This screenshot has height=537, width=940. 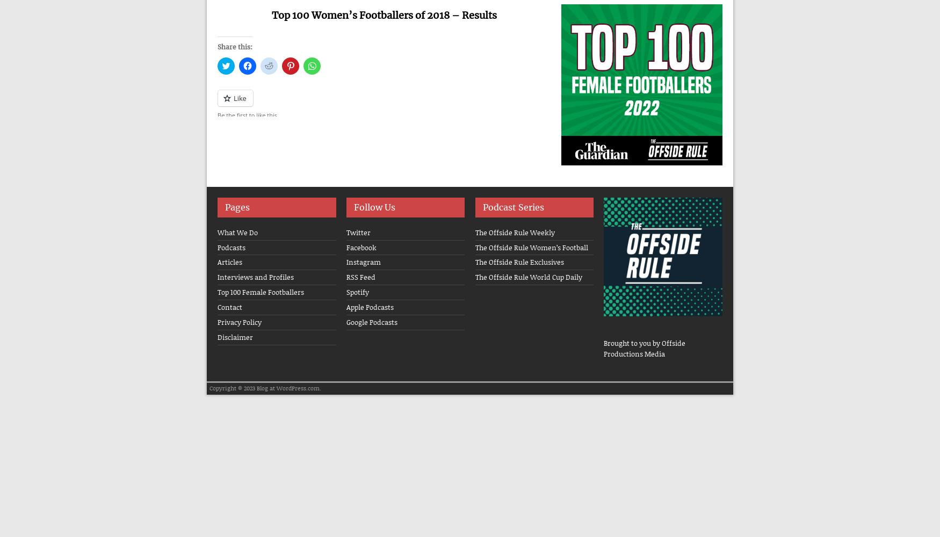 What do you see at coordinates (271, 15) in the screenshot?
I see `'Top 100 Women’s Footballers of 2018 – Results'` at bounding box center [271, 15].